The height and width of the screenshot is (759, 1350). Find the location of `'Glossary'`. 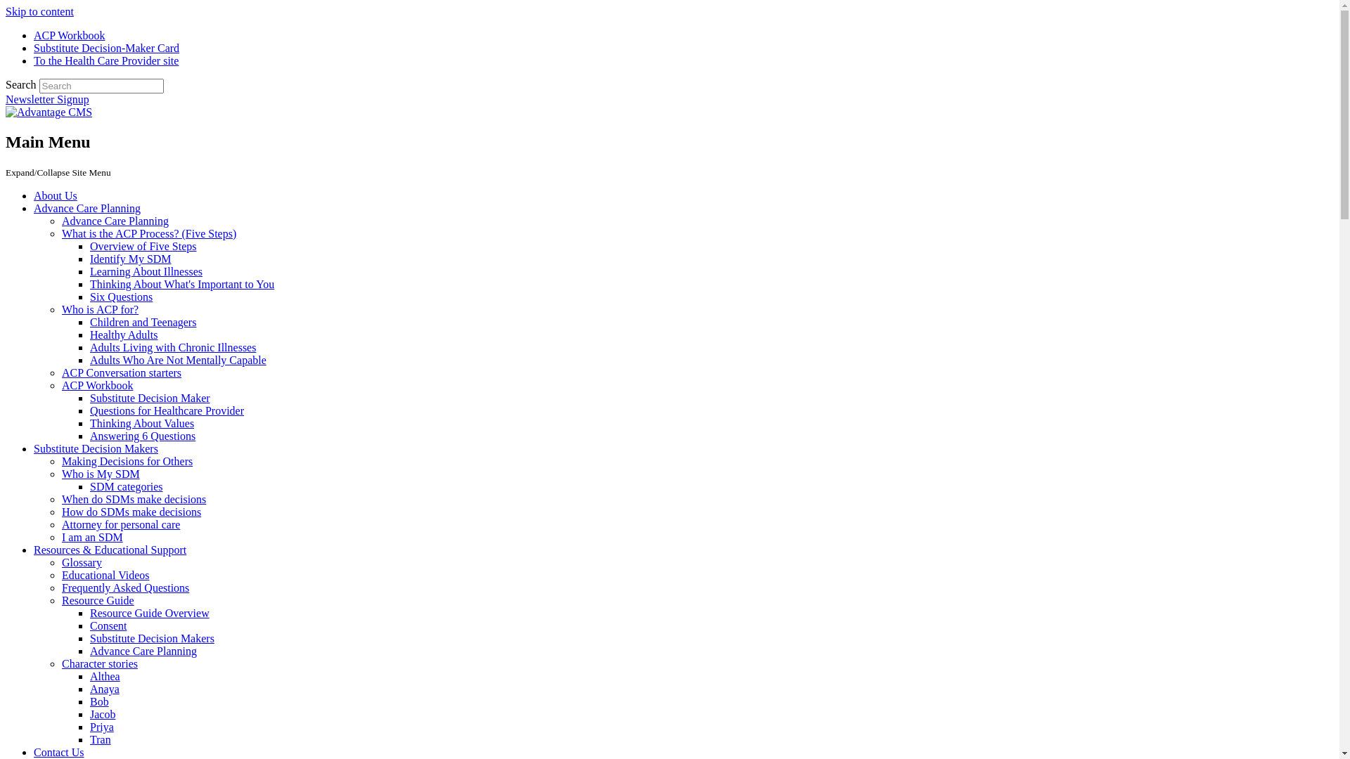

'Glossary' is located at coordinates (81, 562).